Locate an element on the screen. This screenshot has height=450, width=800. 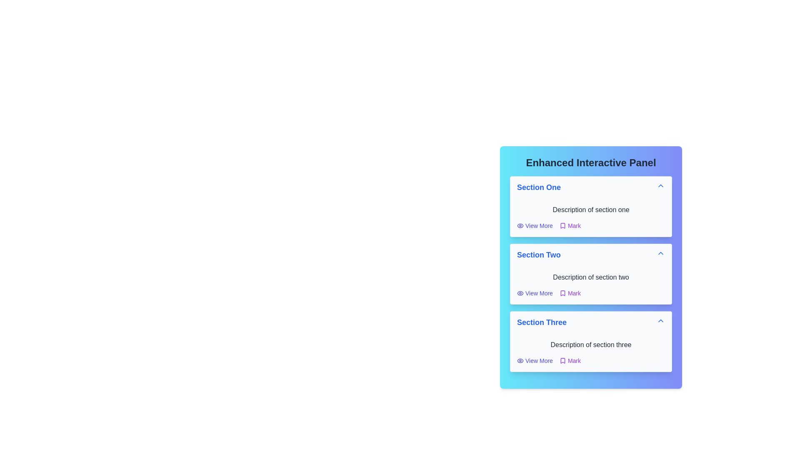
the 'Mark' button in the Interactive action group located at the bottom of the 'Section Three' card within the 'Enhanced Interactive Panel' to bookmark the section is located at coordinates (590, 360).